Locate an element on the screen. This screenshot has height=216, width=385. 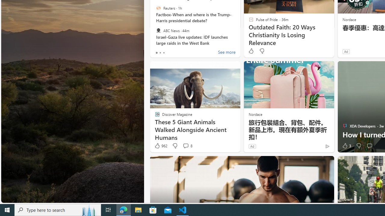
'Ad' is located at coordinates (252, 146).